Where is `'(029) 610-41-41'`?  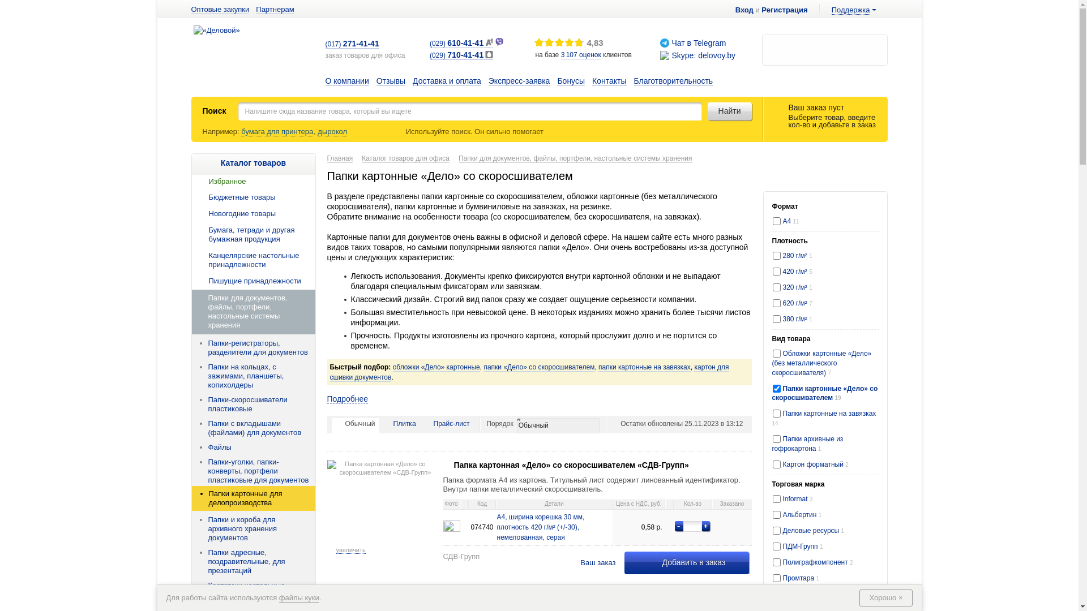
'(029) 610-41-41' is located at coordinates (461, 43).